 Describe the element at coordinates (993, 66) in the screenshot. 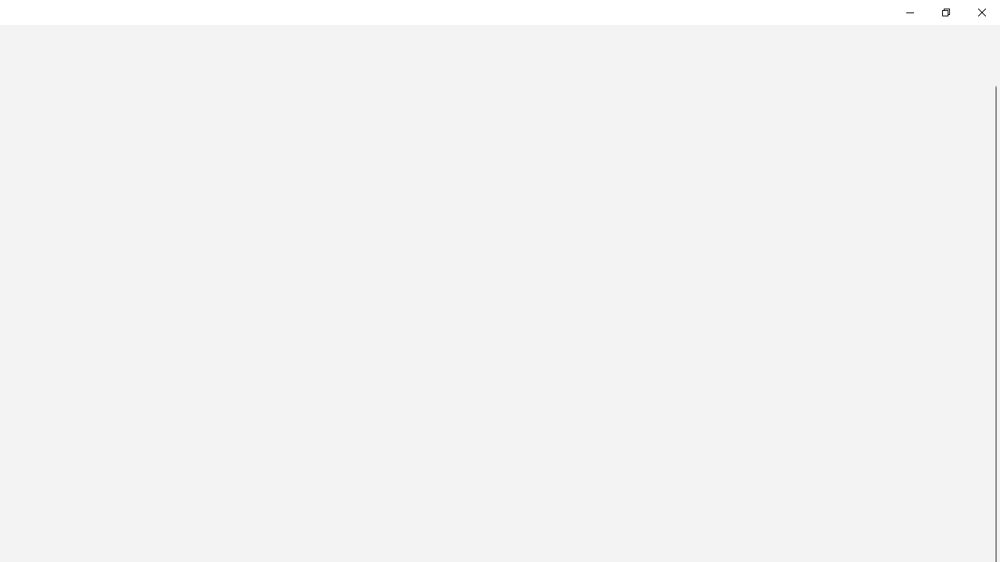

I see `'Vertical Small Decrease'` at that location.